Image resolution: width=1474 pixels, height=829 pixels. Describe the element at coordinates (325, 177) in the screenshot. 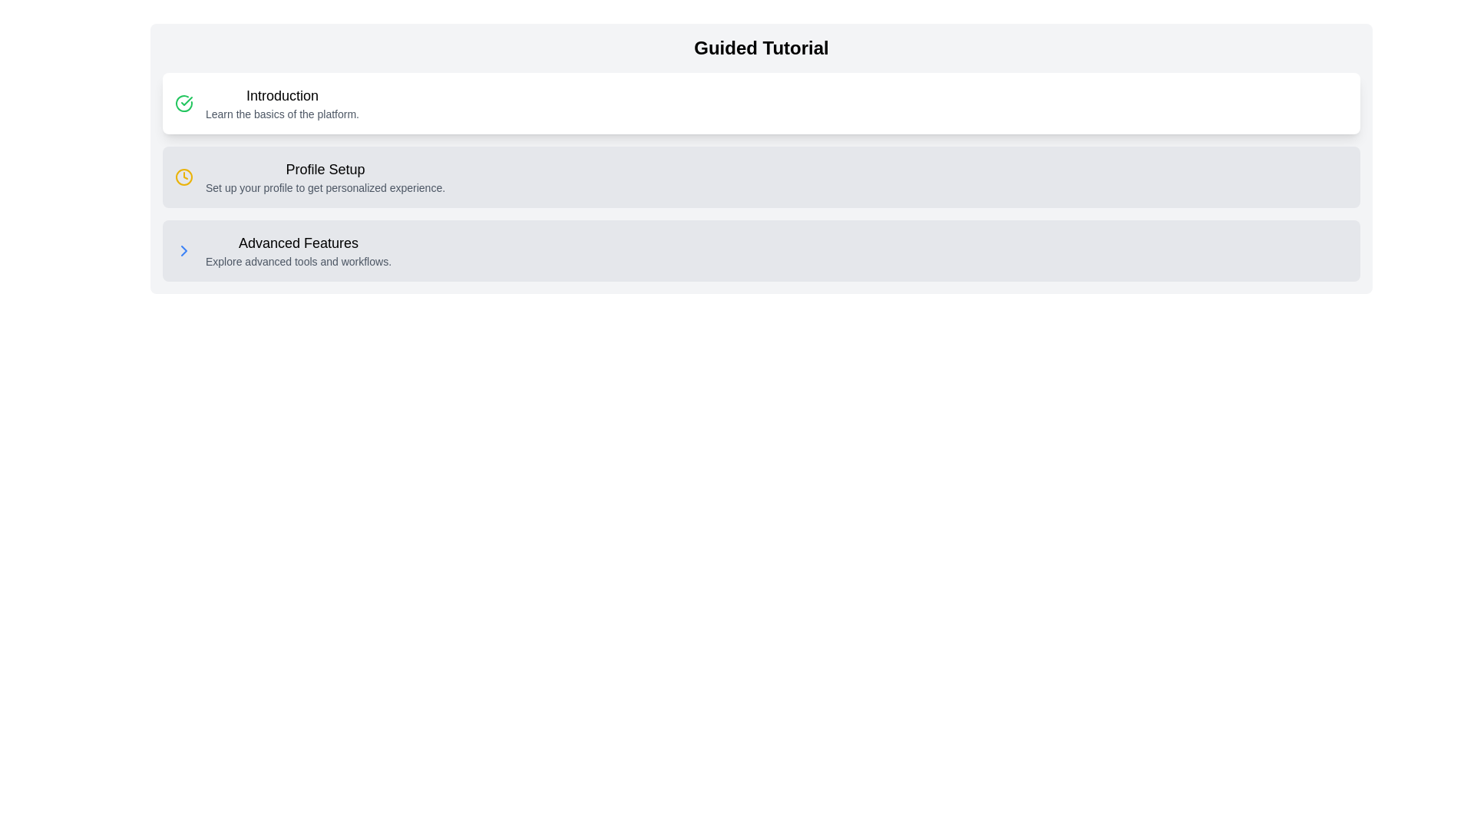

I see `text content that serves as a description and call-to-action for setting up the user's profile, which is the second item in a vertically aligned list within the tutorial interface` at that location.